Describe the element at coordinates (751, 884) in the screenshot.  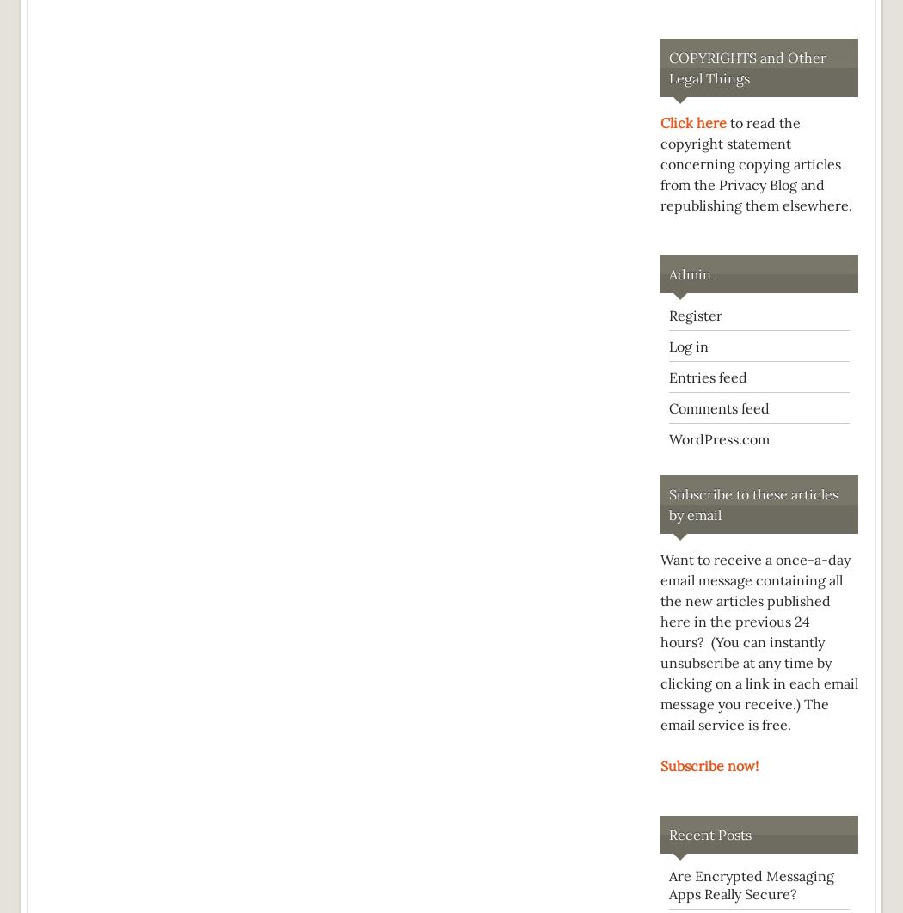
I see `'Are Encrypted Messaging Apps Really Secure?'` at that location.